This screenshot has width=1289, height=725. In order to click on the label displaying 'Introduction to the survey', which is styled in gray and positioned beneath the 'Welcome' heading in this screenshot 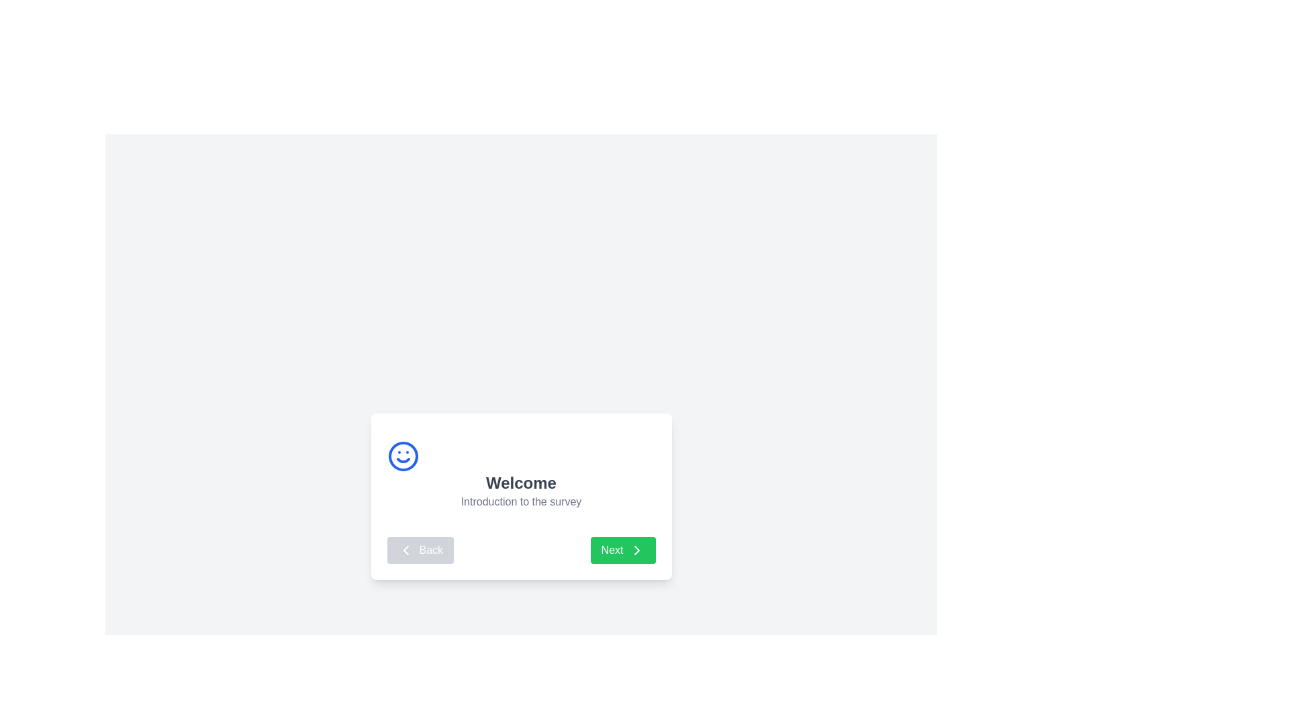, I will do `click(520, 502)`.